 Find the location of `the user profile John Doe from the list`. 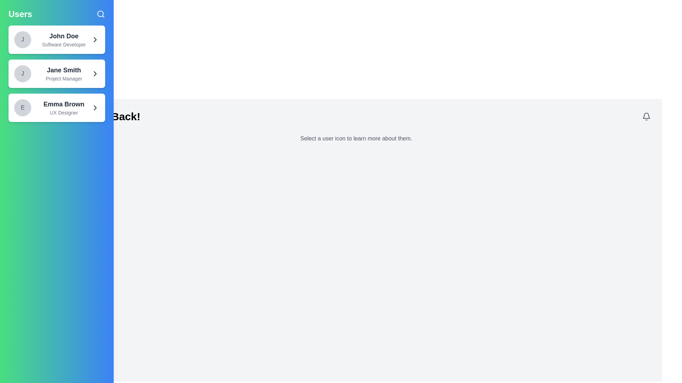

the user profile John Doe from the list is located at coordinates (56, 39).